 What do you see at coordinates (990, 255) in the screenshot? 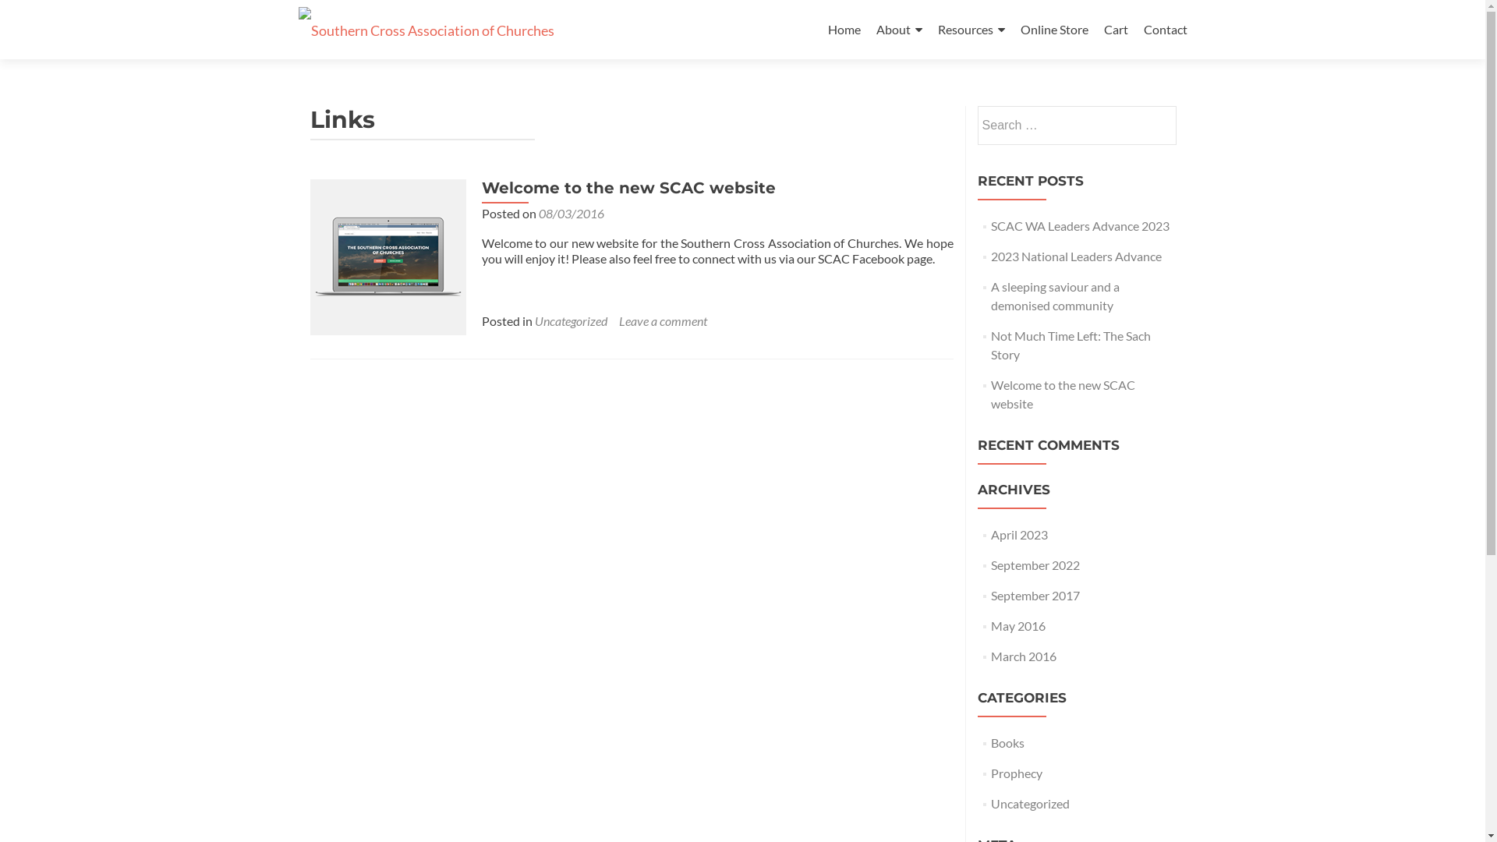
I see `'2023 National Leaders Advance'` at bounding box center [990, 255].